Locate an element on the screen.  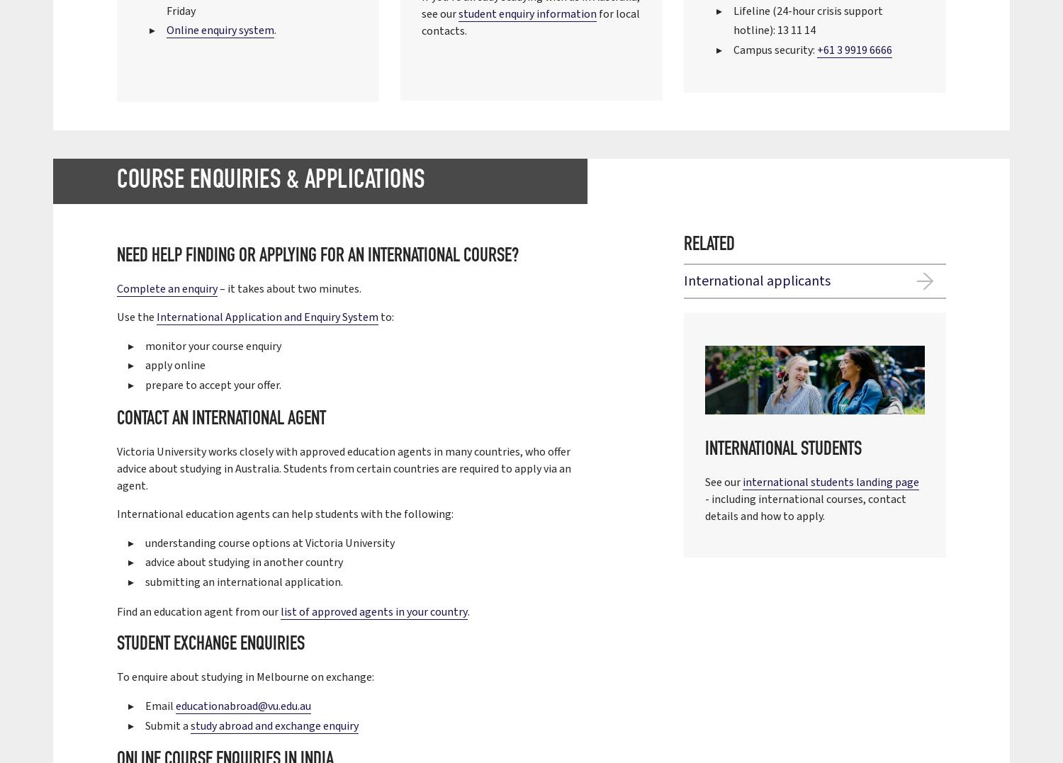
'prepare to accept your offer.' is located at coordinates (213, 385).